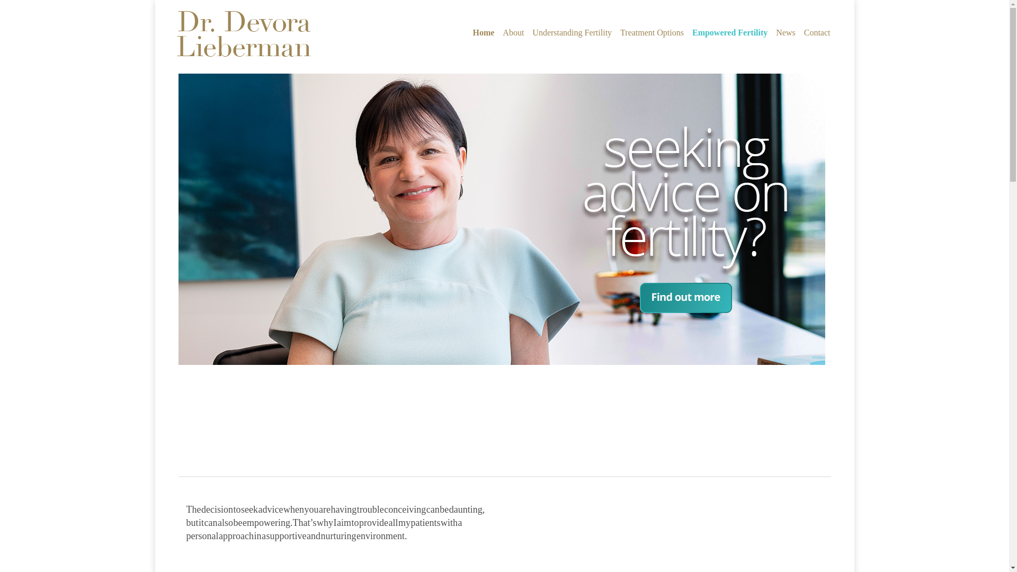 Image resolution: width=1017 pixels, height=572 pixels. I want to click on 'Home', so click(483, 32).